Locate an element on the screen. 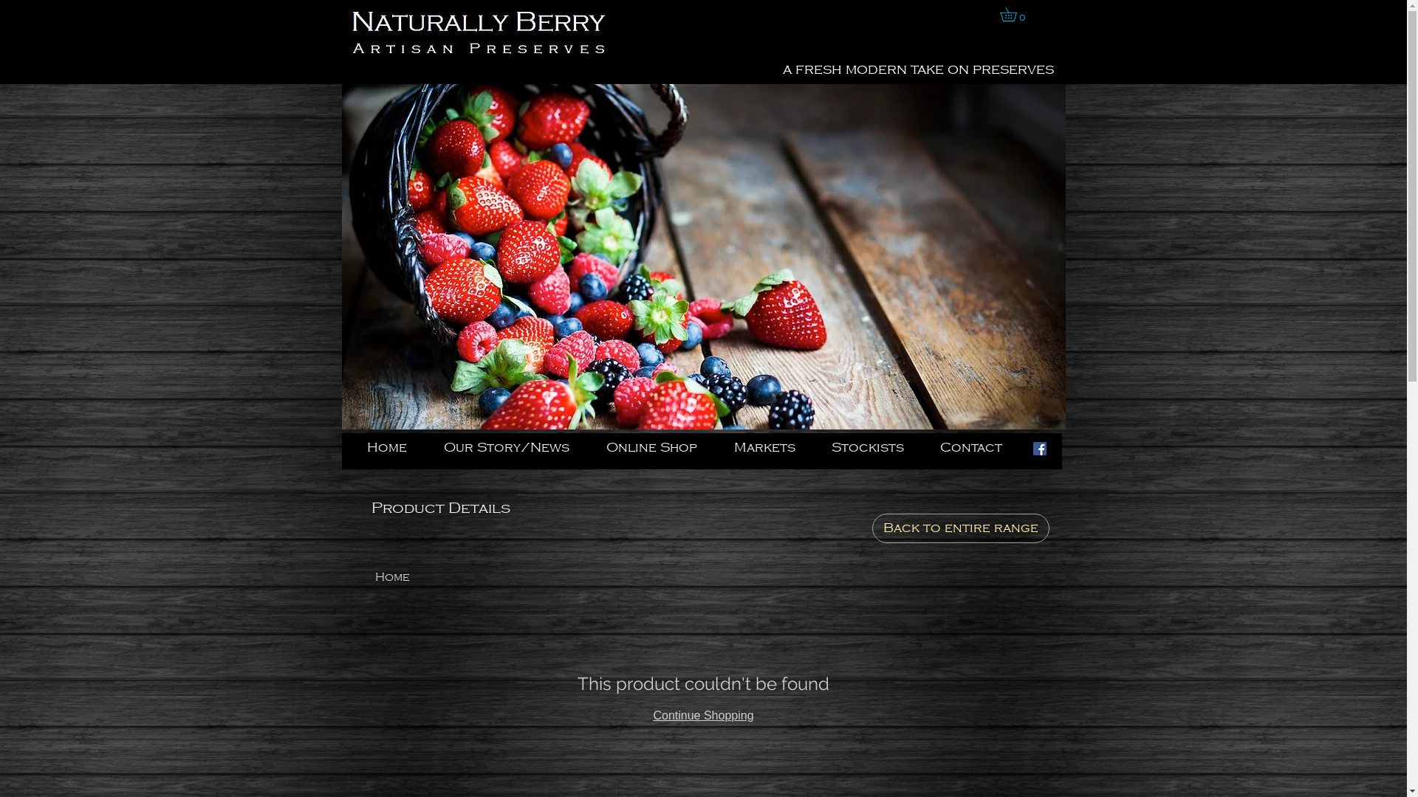 The height and width of the screenshot is (797, 1418). 'Contact' is located at coordinates (978, 446).